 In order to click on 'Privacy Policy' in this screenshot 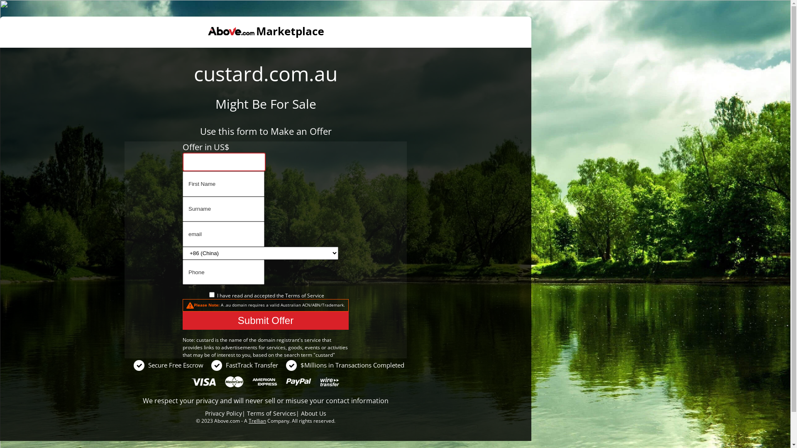, I will do `click(223, 413)`.